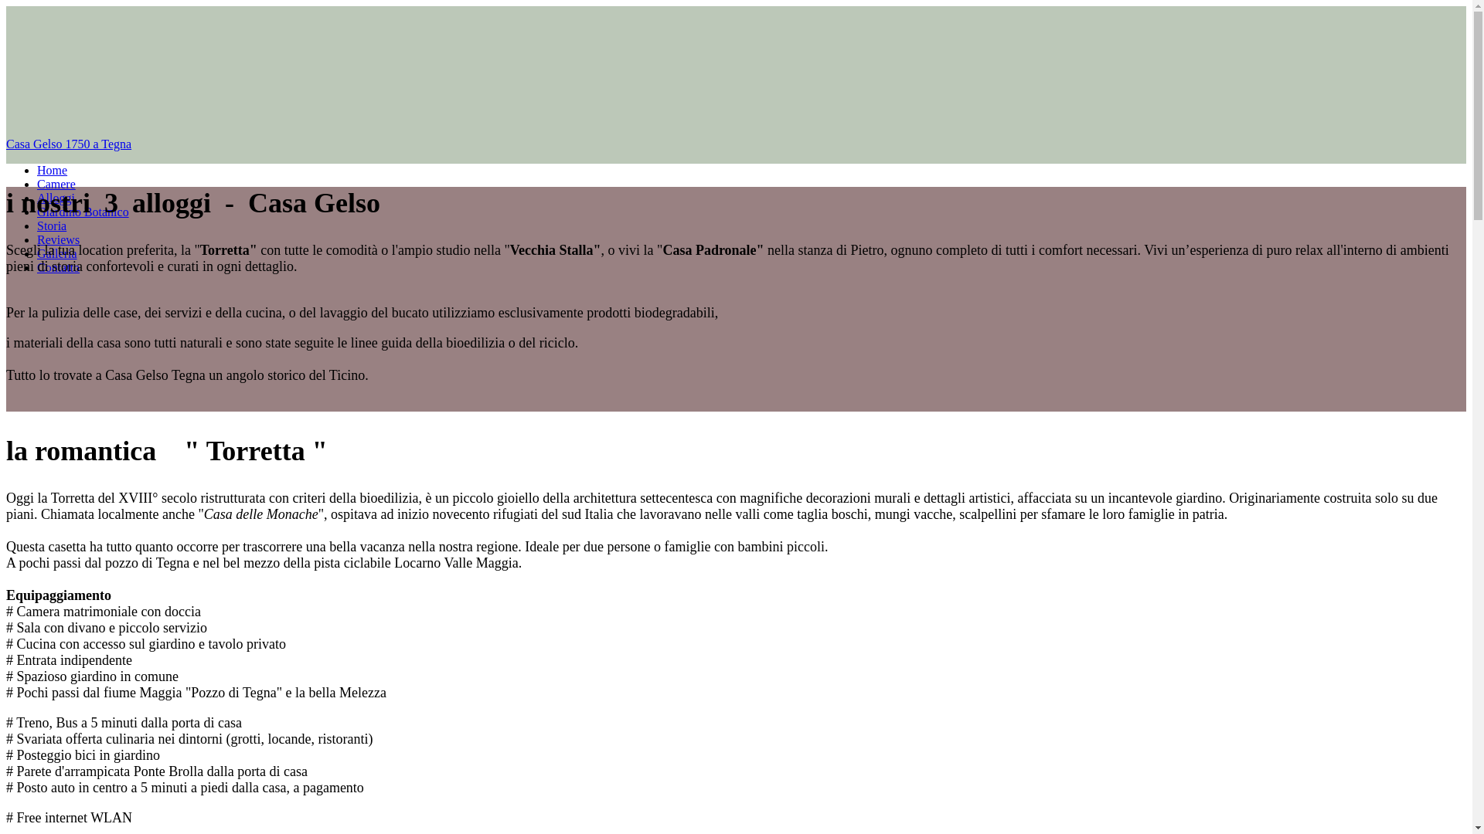  Describe the element at coordinates (735, 144) in the screenshot. I see `'Casa Gelso 1750 a Tegna'` at that location.